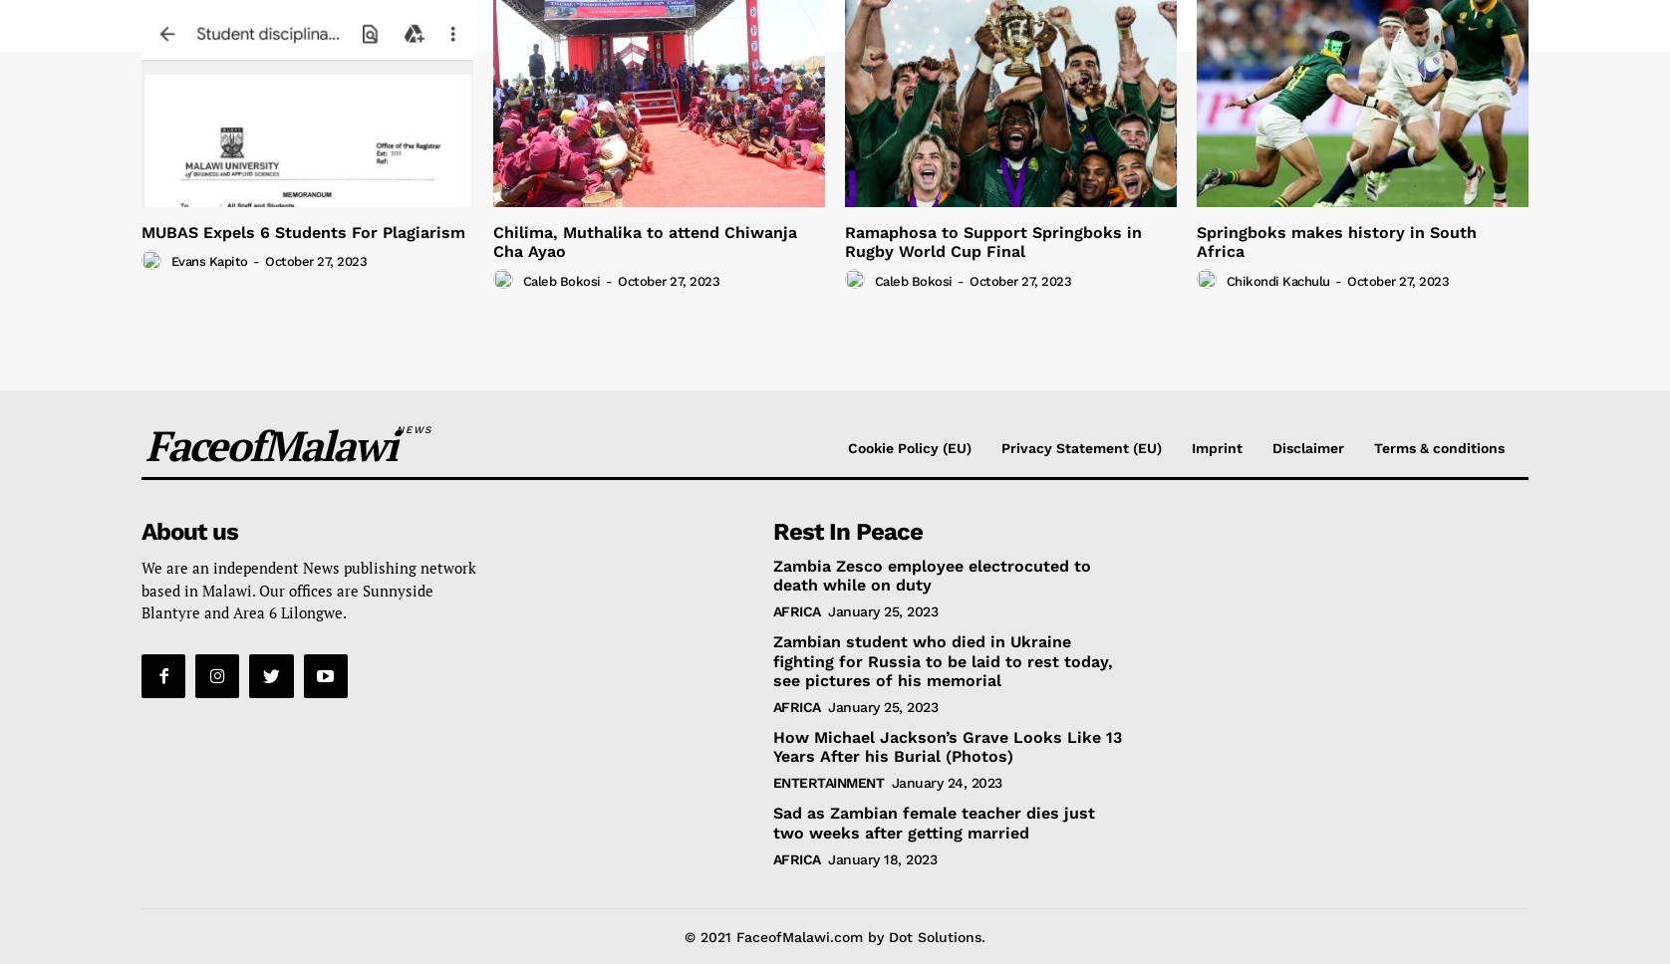  I want to click on 'Entertainment', so click(826, 782).